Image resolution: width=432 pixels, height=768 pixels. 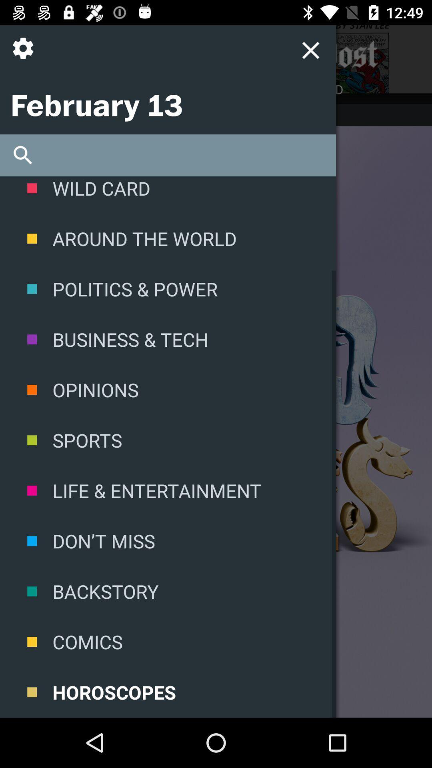 I want to click on the icon below the opinions app, so click(x=168, y=440).